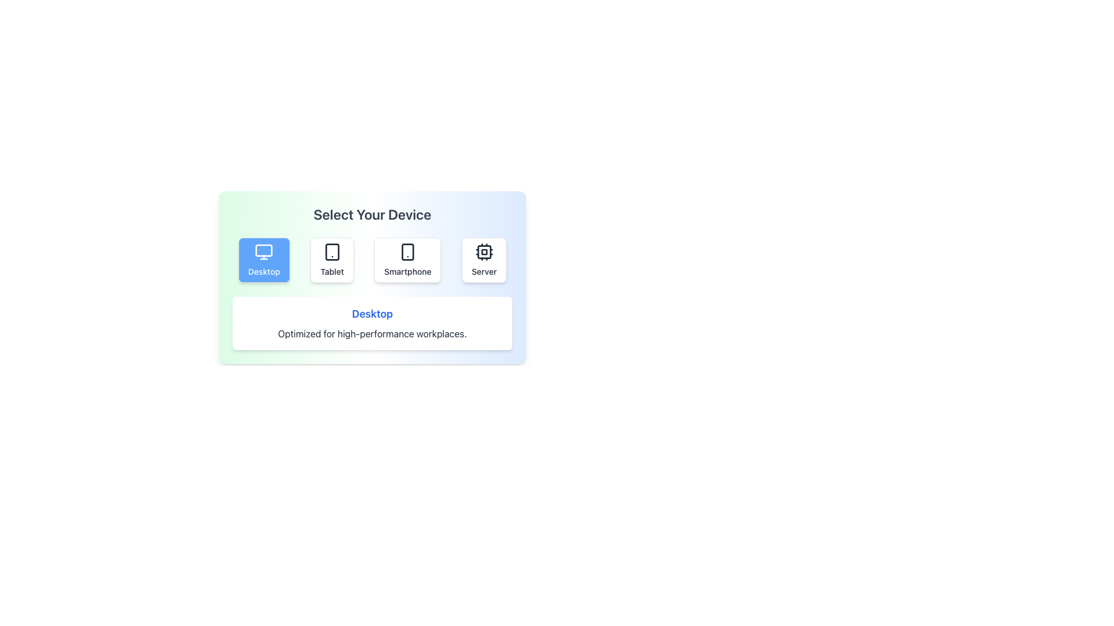 The image size is (1114, 626). I want to click on the 'Server' label, which is styled with a medium small font and is located below the CPU icon in the fourth option of the device selection row under 'Select Your Device', so click(484, 272).